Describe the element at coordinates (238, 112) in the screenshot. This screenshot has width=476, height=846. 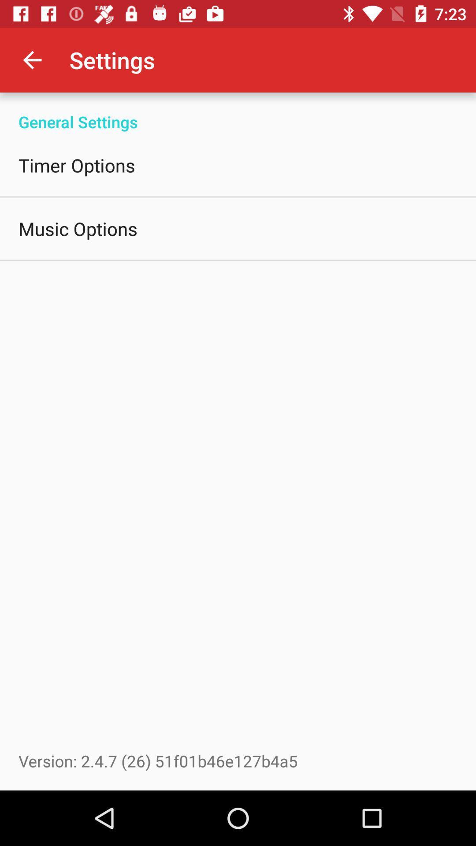
I see `general settings` at that location.